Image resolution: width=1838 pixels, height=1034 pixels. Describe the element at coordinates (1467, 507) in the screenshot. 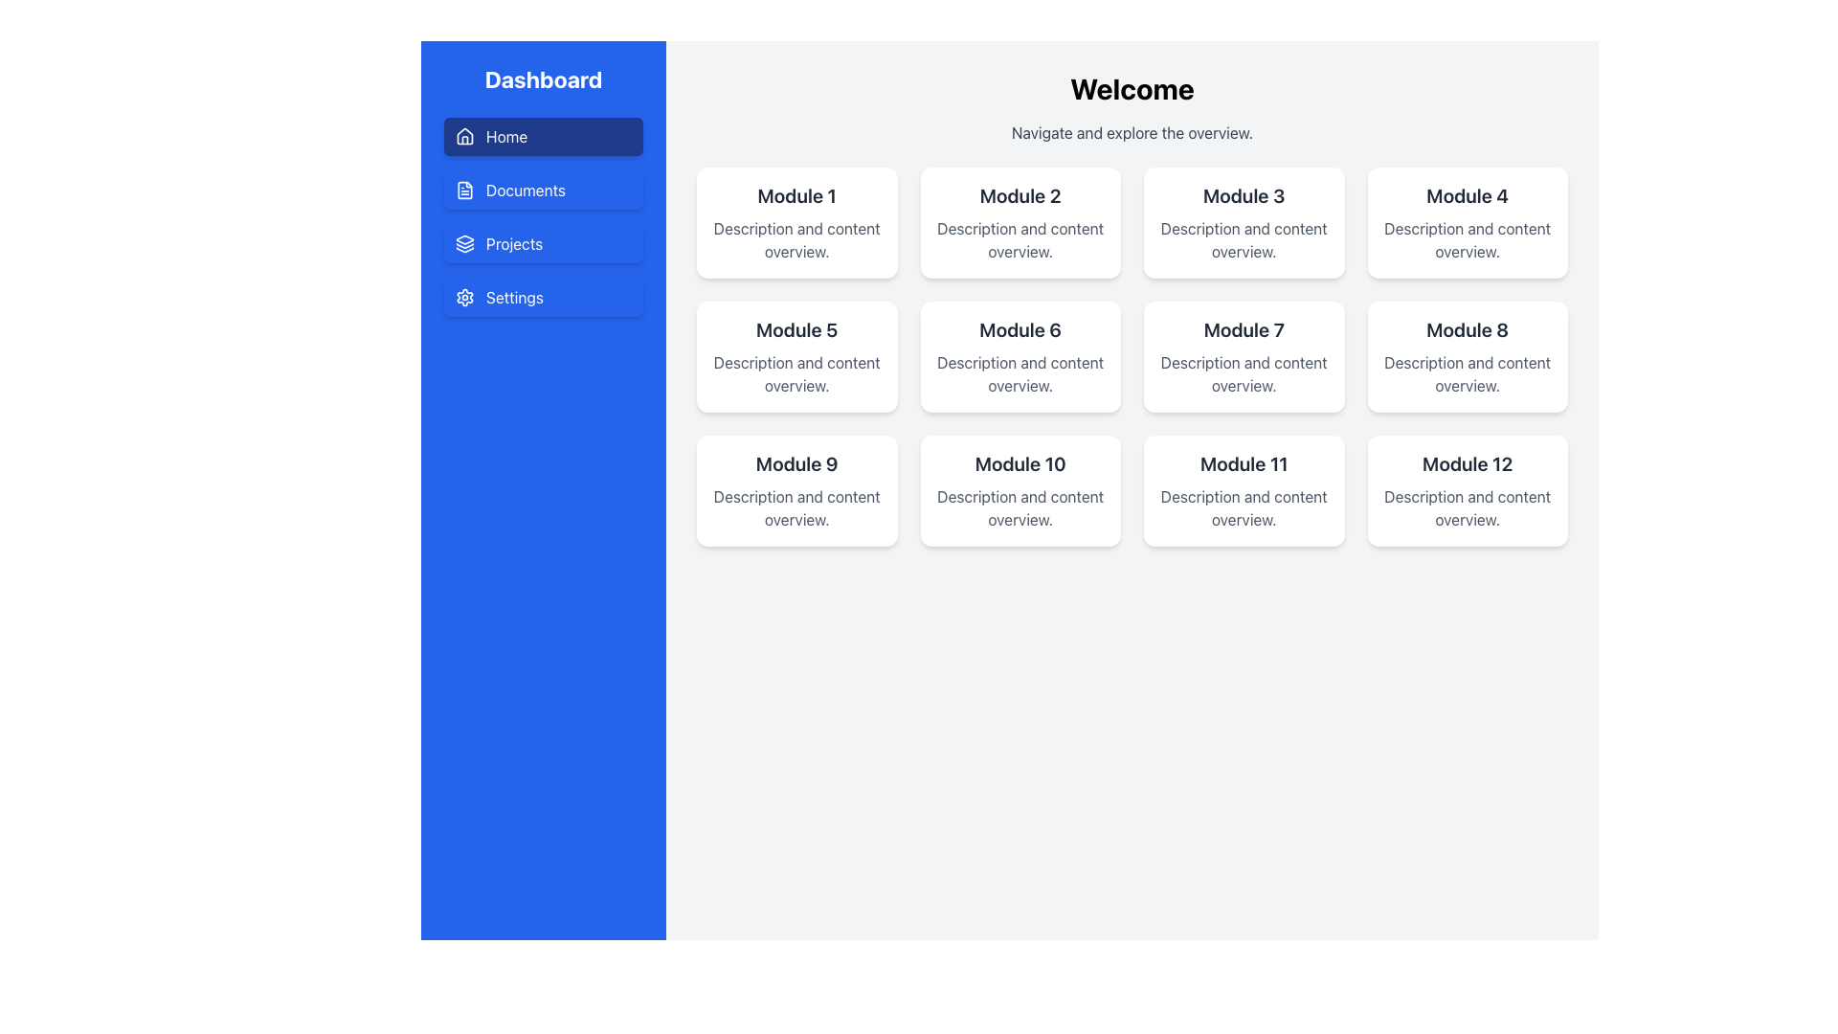

I see `static text label that describes the contents of 'Module 12', located at the bottom of the card on the right-hand side of the dashboard` at that location.